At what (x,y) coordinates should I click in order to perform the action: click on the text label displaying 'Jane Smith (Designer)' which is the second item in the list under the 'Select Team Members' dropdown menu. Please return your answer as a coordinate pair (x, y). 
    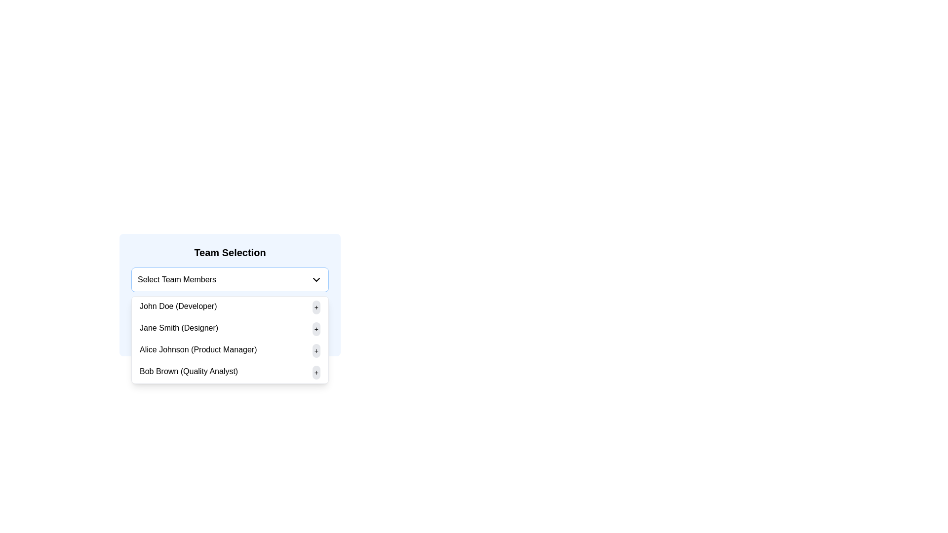
    Looking at the image, I should click on (179, 329).